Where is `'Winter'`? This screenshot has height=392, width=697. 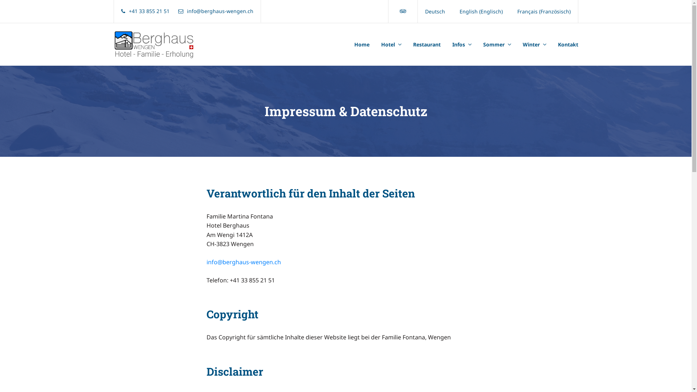 'Winter' is located at coordinates (517, 45).